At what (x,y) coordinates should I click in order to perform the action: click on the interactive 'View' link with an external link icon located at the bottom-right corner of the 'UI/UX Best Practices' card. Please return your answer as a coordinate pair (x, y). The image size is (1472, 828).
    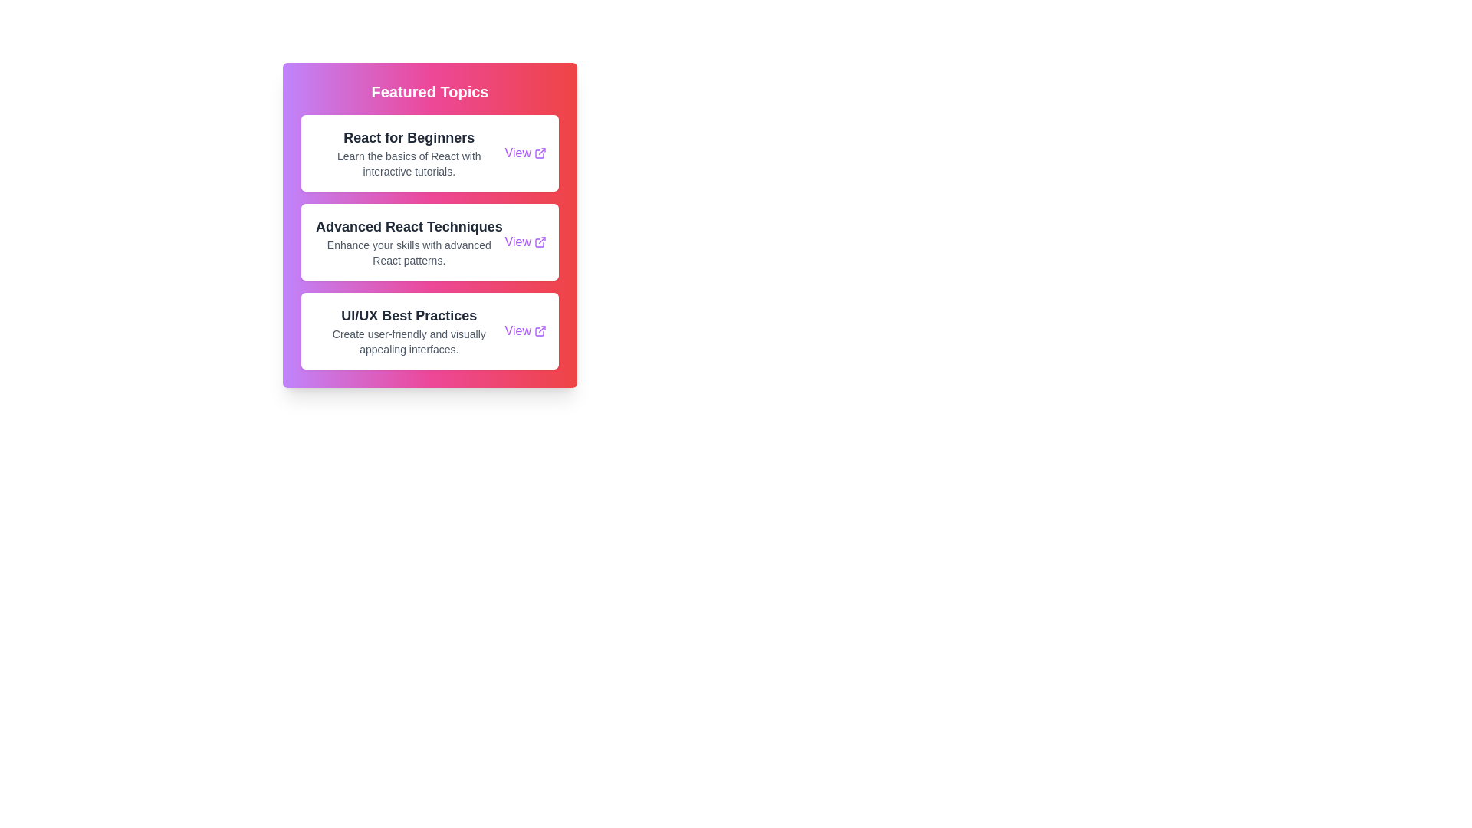
    Looking at the image, I should click on (525, 330).